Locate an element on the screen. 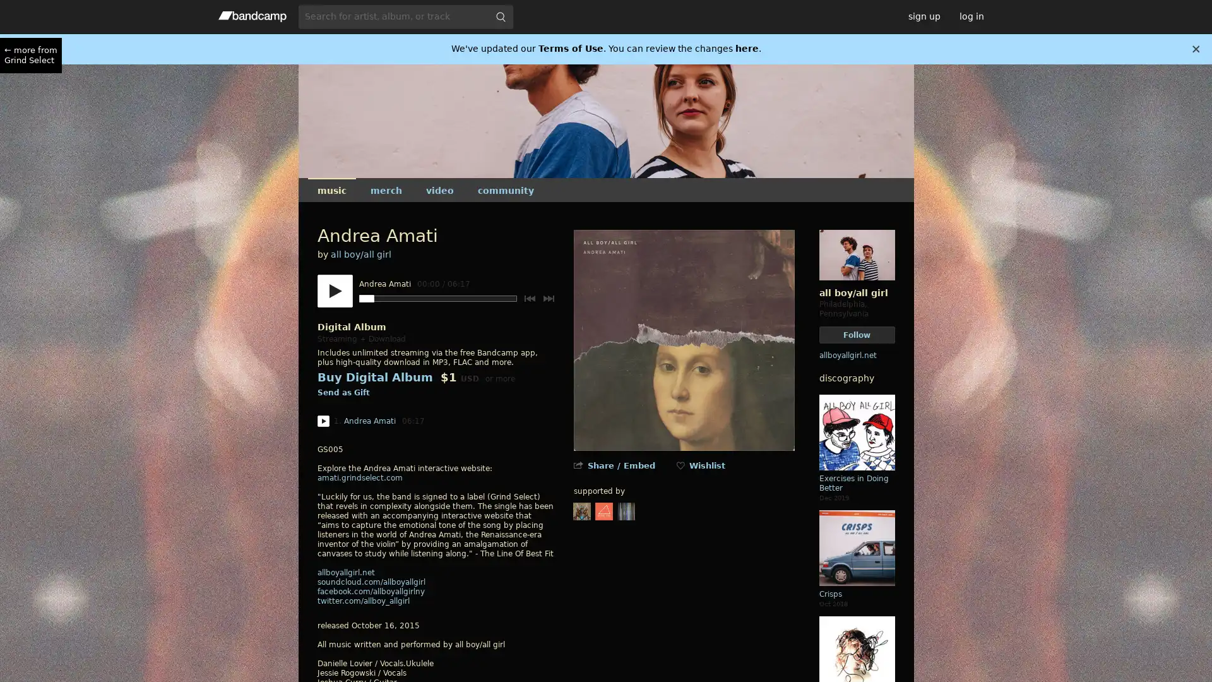 The width and height of the screenshot is (1212, 682). Digital Album is located at coordinates (351, 326).